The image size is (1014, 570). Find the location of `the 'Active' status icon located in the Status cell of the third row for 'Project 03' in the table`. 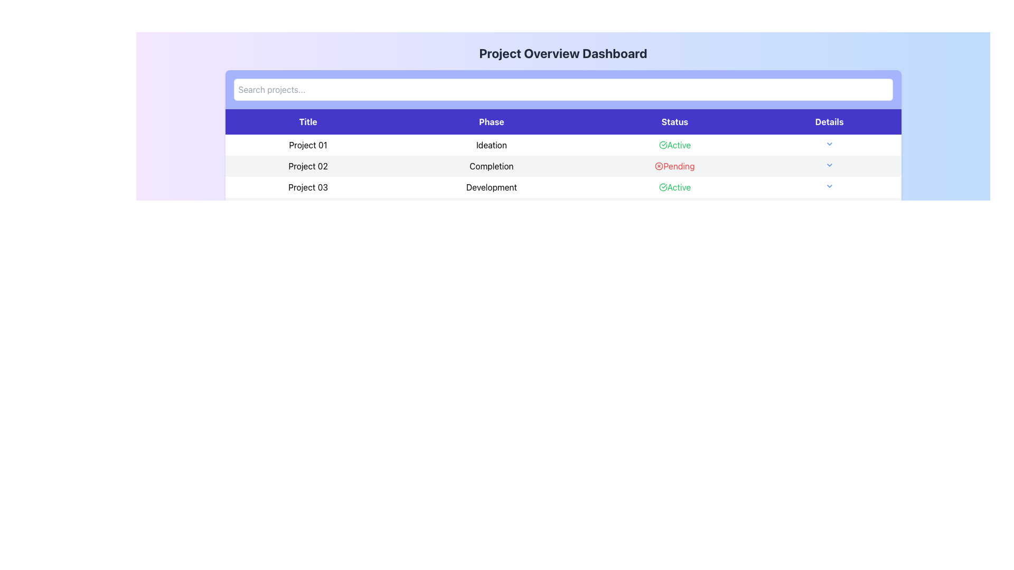

the 'Active' status icon located in the Status cell of the third row for 'Project 03' in the table is located at coordinates (662, 186).